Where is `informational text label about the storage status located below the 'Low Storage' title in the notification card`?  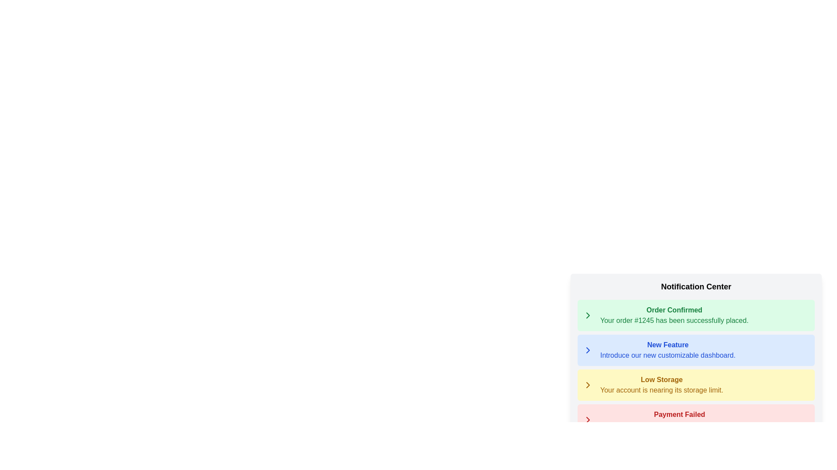
informational text label about the storage status located below the 'Low Storage' title in the notification card is located at coordinates (662, 390).